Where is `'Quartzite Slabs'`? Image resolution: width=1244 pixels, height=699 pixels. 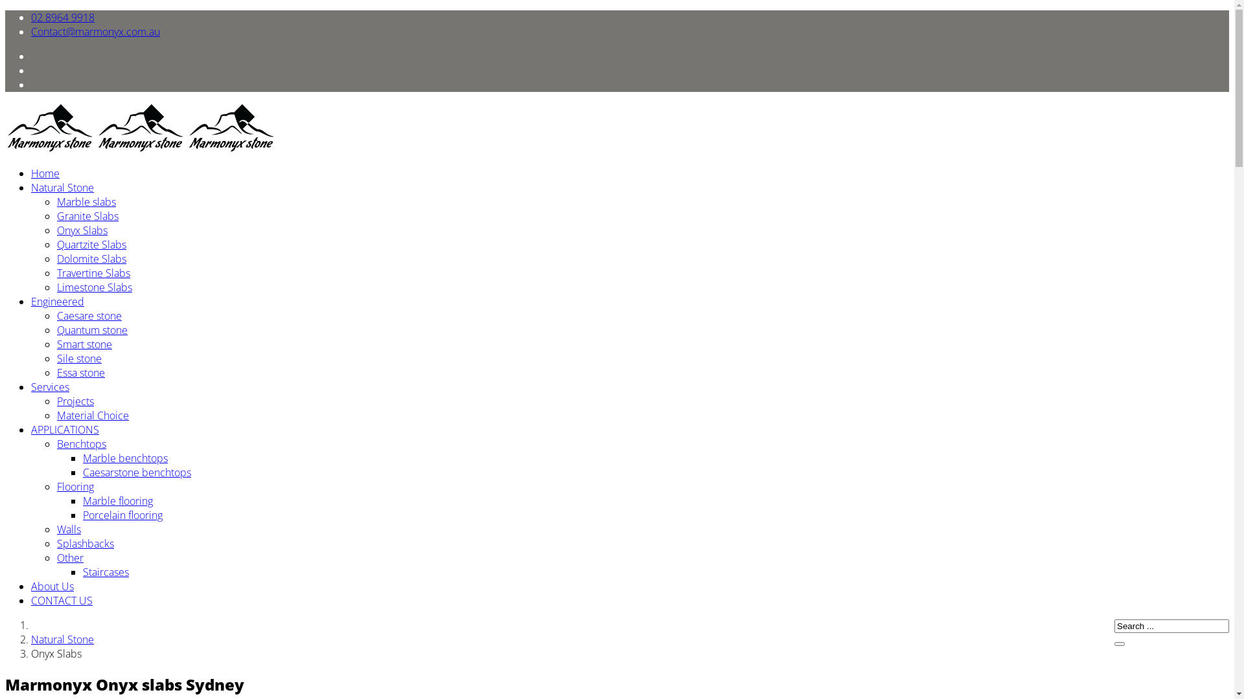 'Quartzite Slabs' is located at coordinates (91, 245).